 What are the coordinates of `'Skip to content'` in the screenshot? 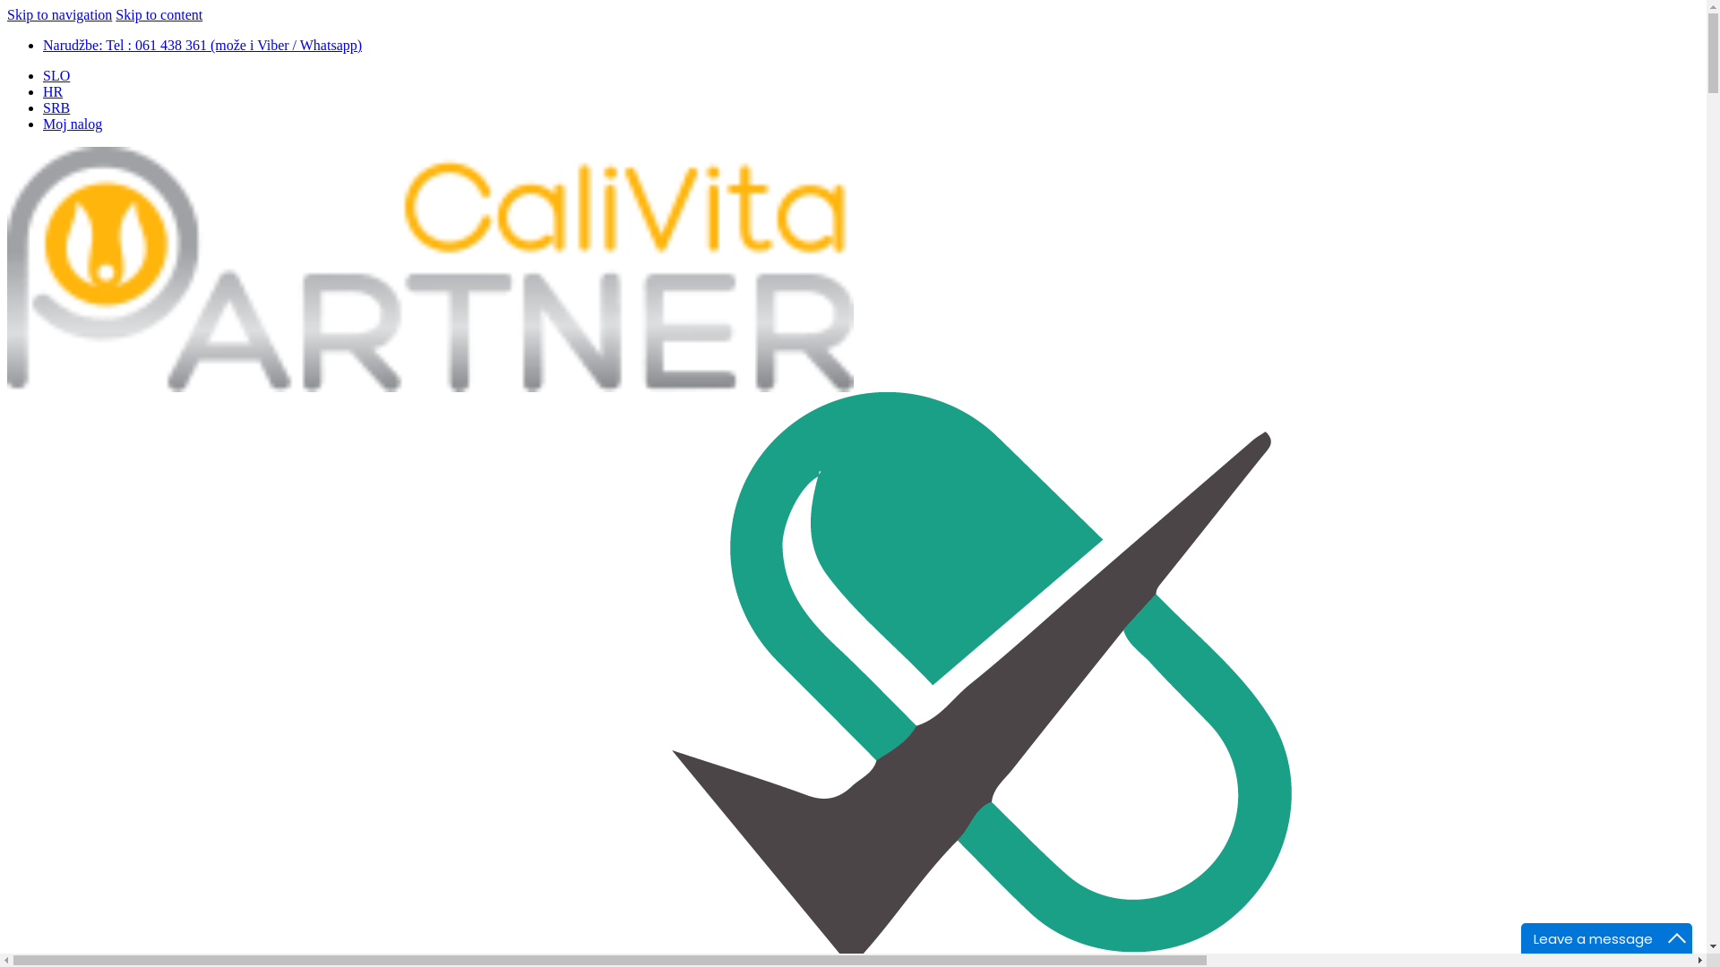 It's located at (159, 14).